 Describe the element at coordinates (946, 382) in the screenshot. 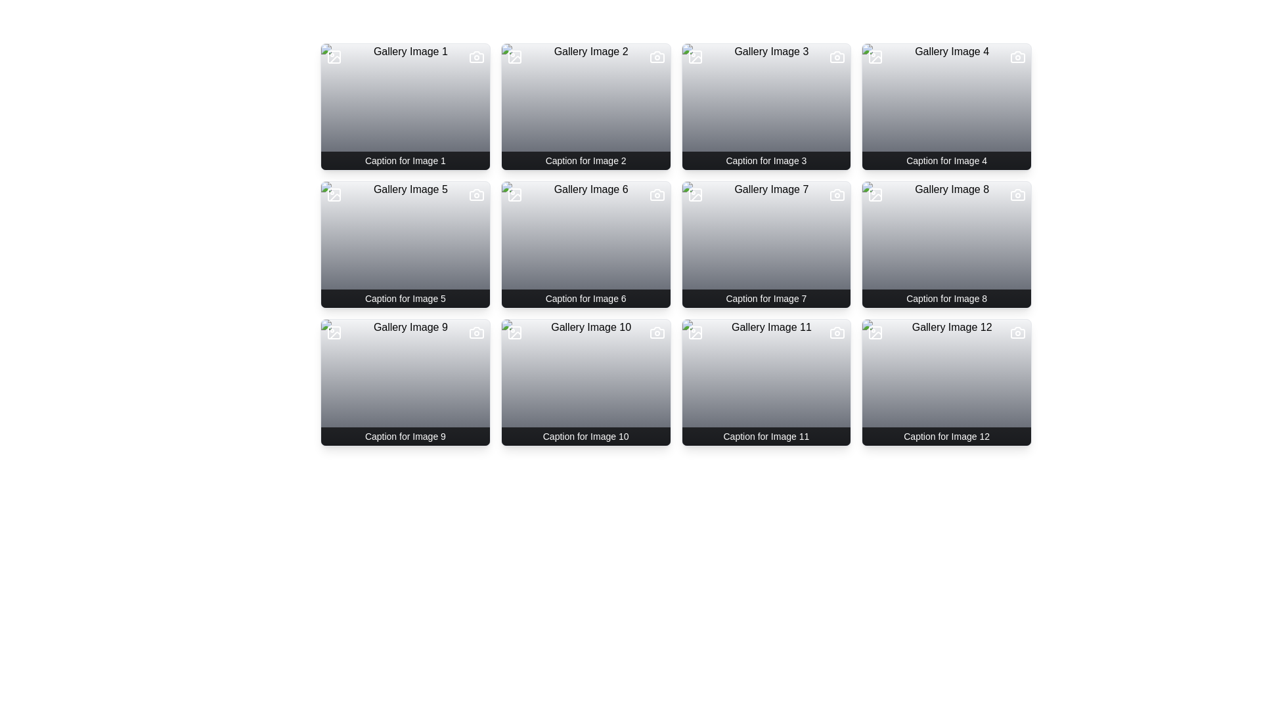

I see `visual overlay element that enhances the presentation of the text over the thumbnail titled 'Gallery Image 12' located at the bottom-right corner of the grid layout` at that location.